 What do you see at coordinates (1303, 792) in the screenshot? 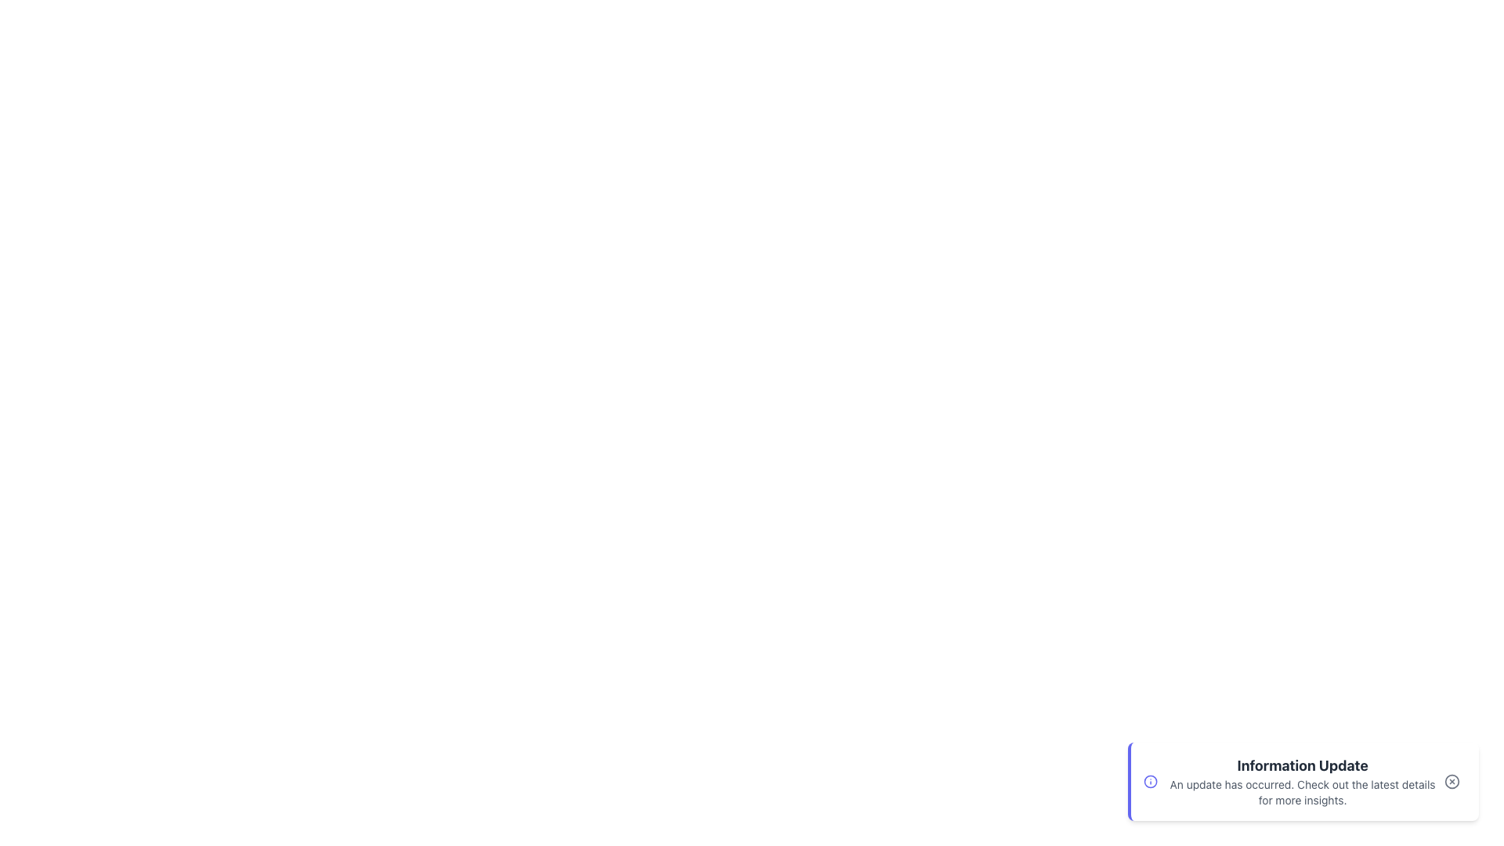
I see `text block containing the message 'An update has occurred. Check out the latest details for more insights.' located below the heading 'Information Update' in the notification popup` at bounding box center [1303, 792].